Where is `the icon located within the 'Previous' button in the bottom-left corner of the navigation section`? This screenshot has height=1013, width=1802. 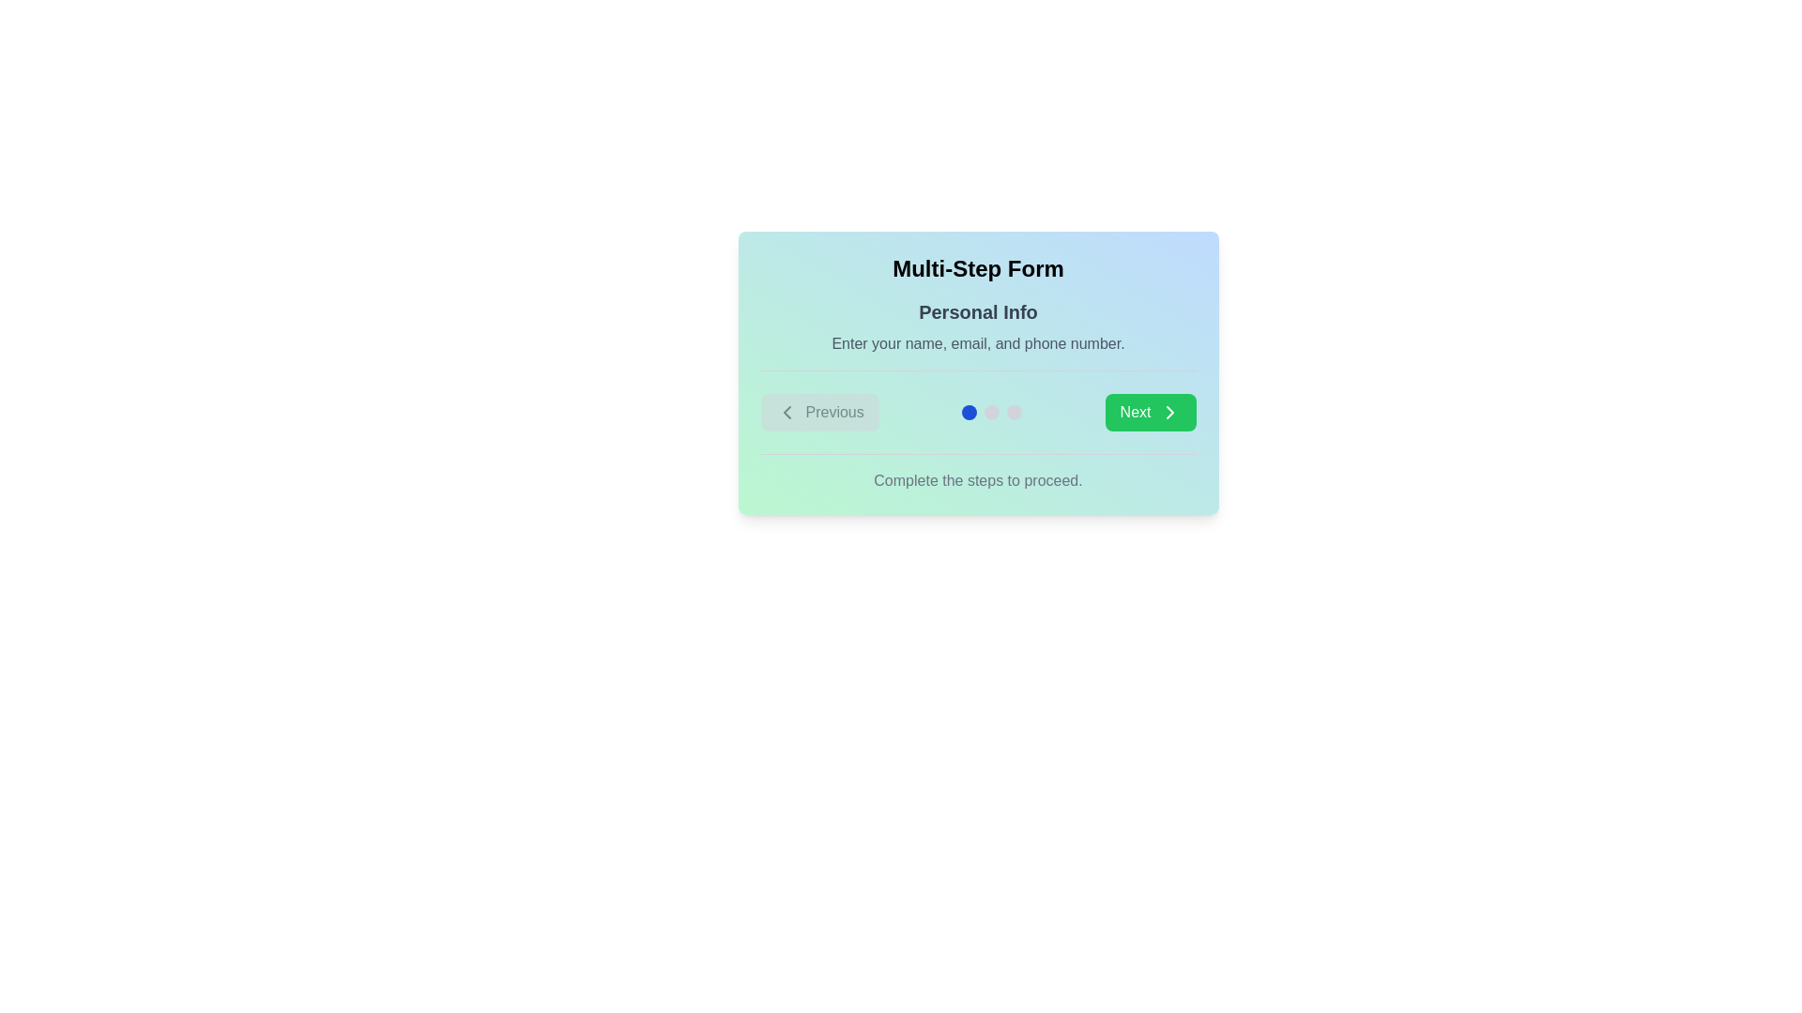
the icon located within the 'Previous' button in the bottom-left corner of the navigation section is located at coordinates (786, 411).